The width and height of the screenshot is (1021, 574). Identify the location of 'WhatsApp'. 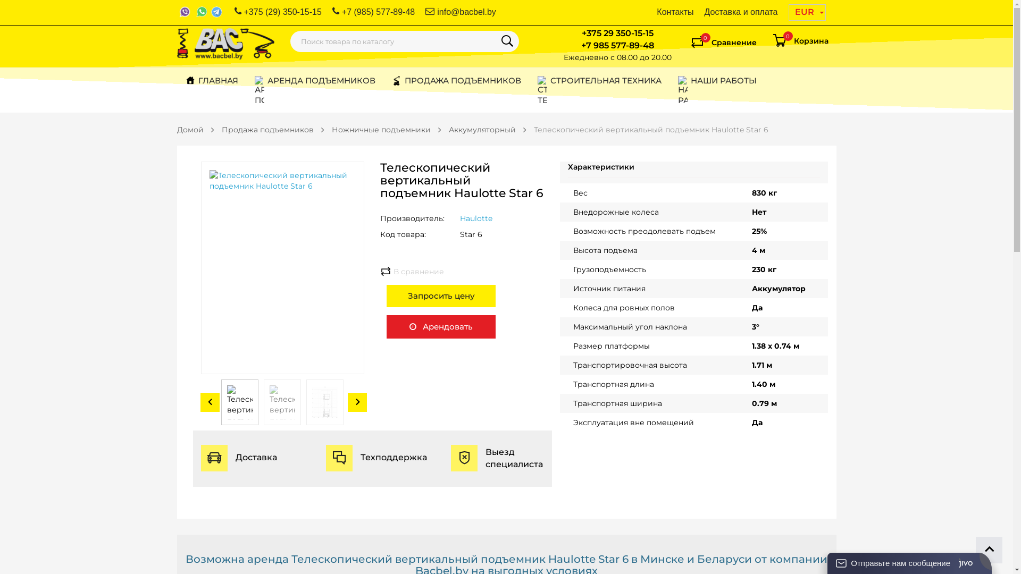
(202, 12).